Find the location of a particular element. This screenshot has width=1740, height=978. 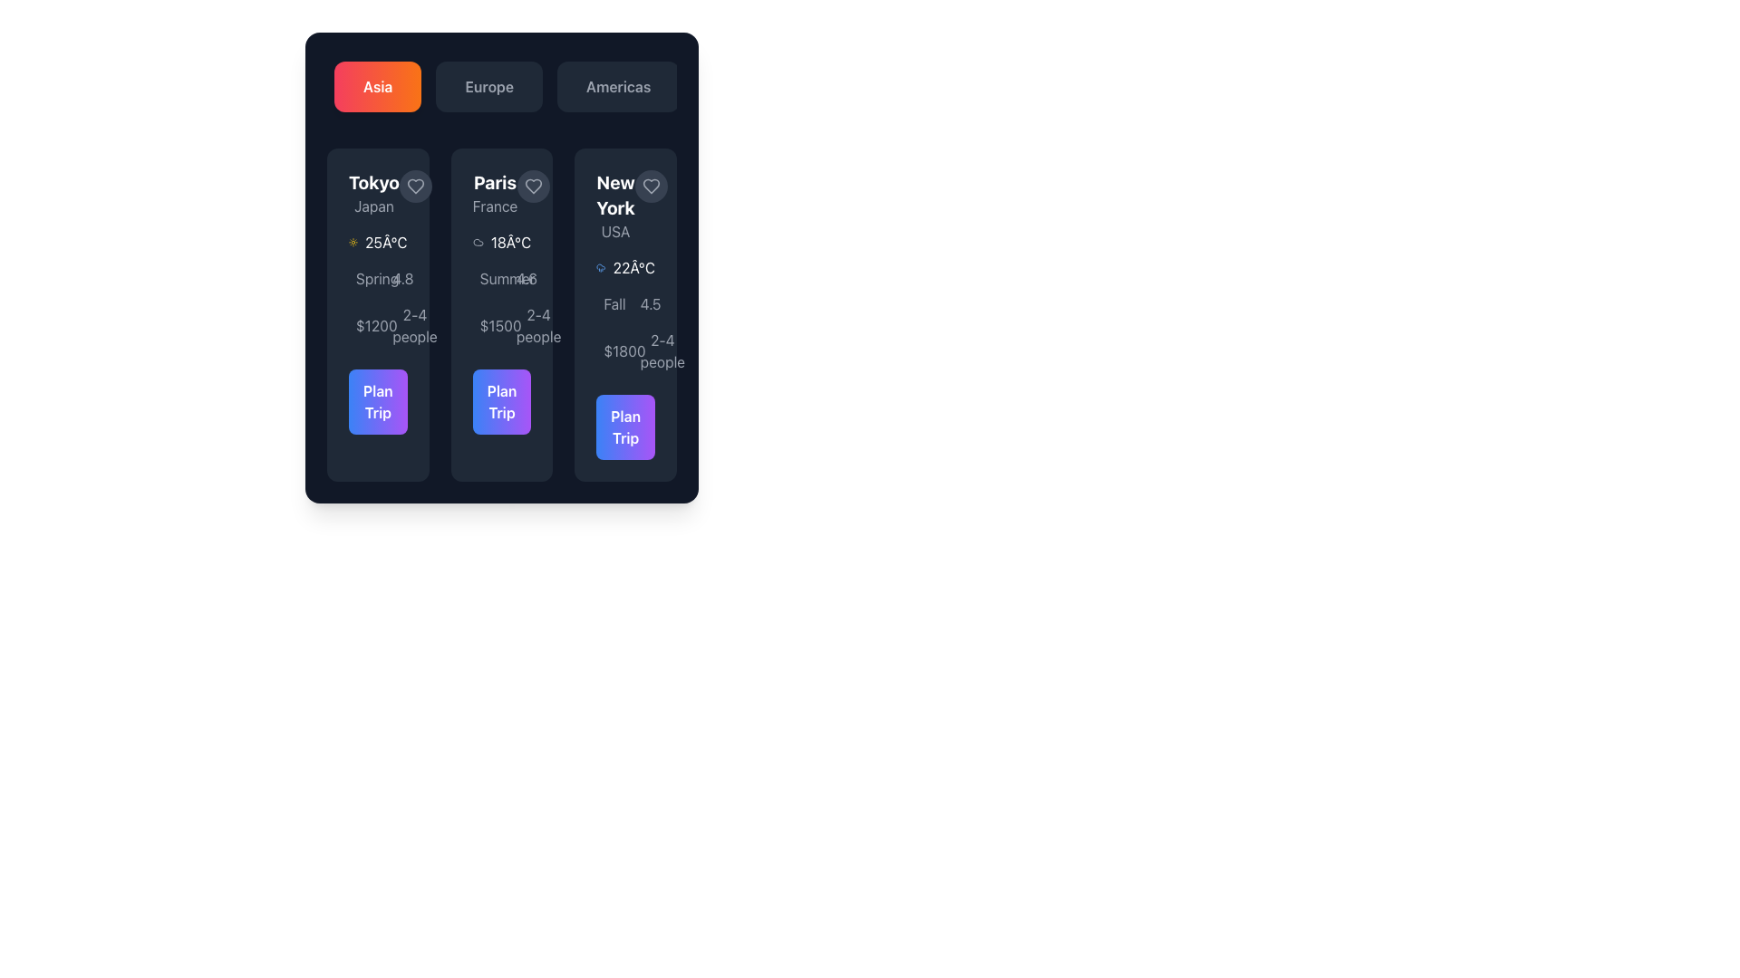

the favorite icon located at the center-top section of the card labeled 'Paris, France' is located at coordinates (533, 186).